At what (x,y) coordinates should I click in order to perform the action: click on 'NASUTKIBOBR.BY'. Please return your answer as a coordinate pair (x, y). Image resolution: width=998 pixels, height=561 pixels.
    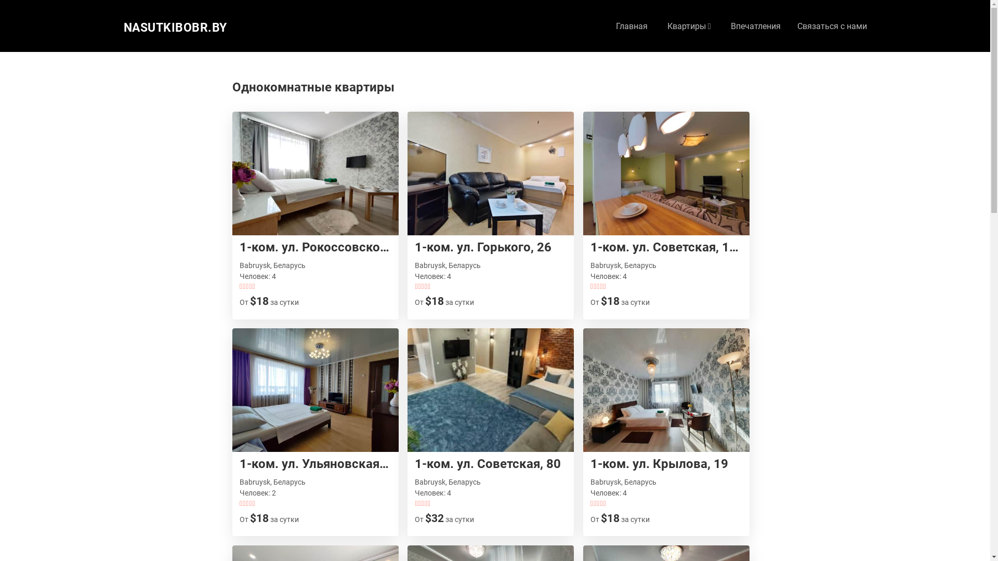
    Looking at the image, I should click on (175, 28).